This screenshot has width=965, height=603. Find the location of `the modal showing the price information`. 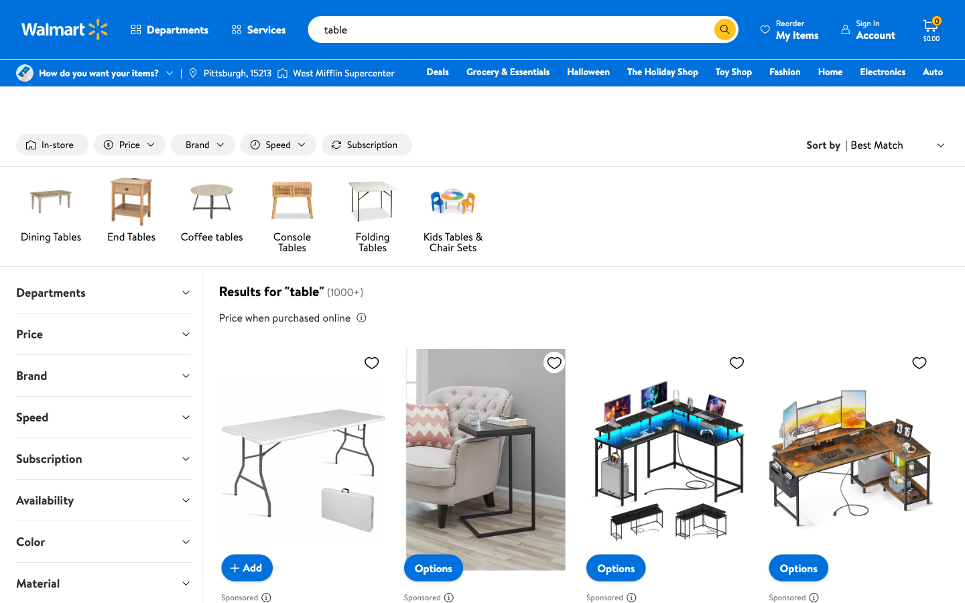

the modal showing the price information is located at coordinates (360, 317).